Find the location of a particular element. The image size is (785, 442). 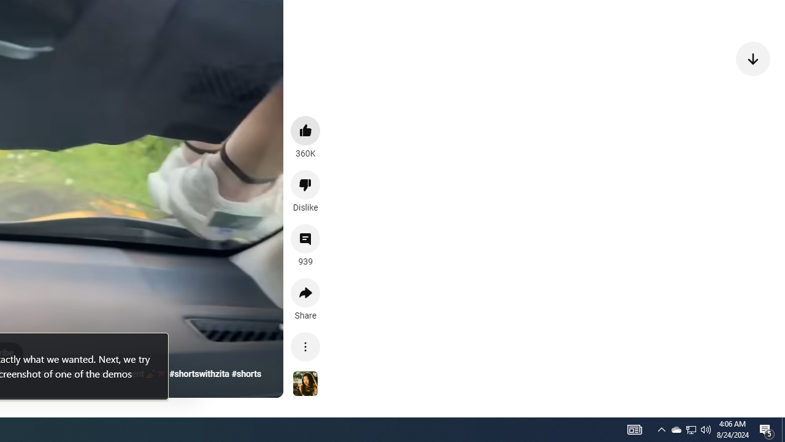

'like this video along with 360K other people' is located at coordinates (305, 130).